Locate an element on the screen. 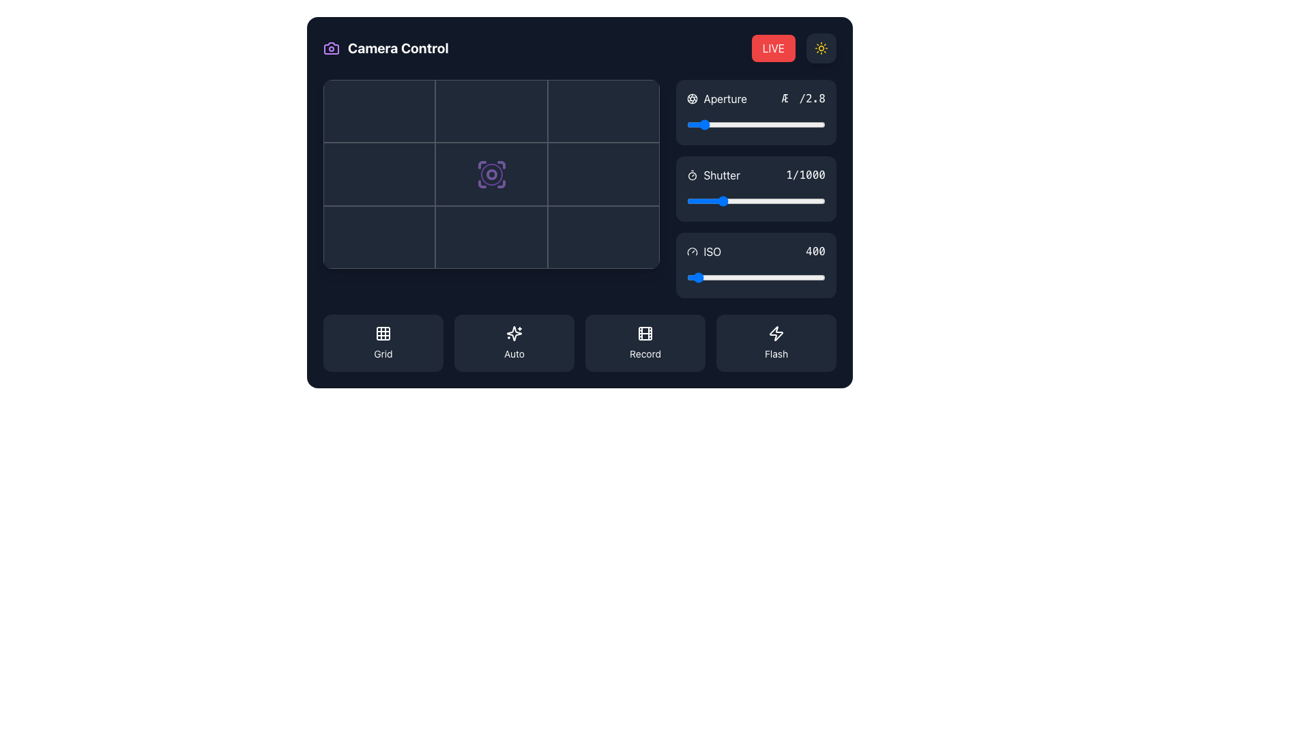 The height and width of the screenshot is (737, 1310). the grid cell located in the top-center of the 'Camera Control' interface, which has a dark gray background and is part of a larger interactive grid layout is located at coordinates (491, 111).